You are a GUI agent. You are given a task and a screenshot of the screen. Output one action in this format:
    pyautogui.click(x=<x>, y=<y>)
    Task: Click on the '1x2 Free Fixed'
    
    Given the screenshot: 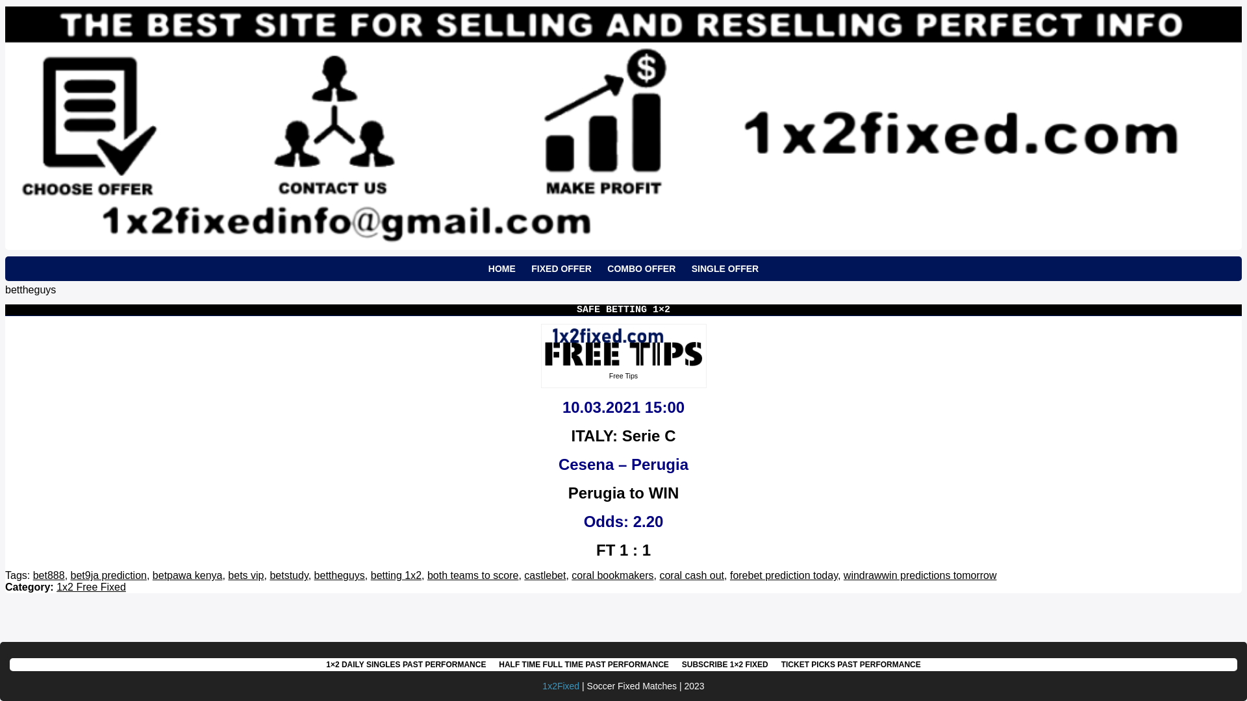 What is the action you would take?
    pyautogui.click(x=55, y=587)
    